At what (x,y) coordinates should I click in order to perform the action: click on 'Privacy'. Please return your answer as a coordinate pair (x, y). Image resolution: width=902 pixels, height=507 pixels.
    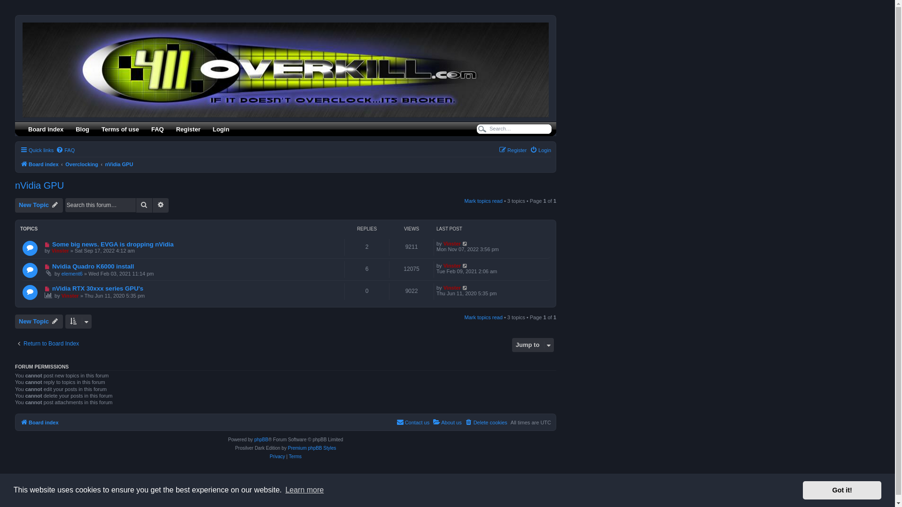
    Looking at the image, I should click on (269, 456).